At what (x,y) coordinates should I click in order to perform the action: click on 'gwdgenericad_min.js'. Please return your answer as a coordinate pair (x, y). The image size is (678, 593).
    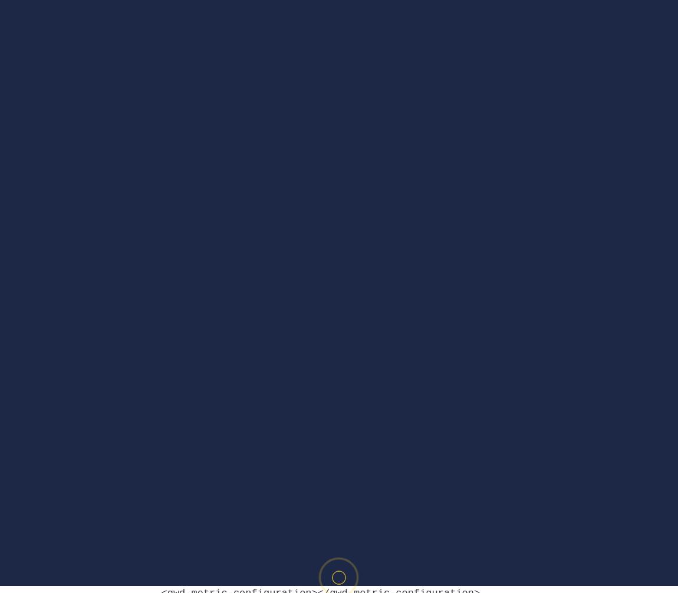
    Looking at the image, I should click on (221, 158).